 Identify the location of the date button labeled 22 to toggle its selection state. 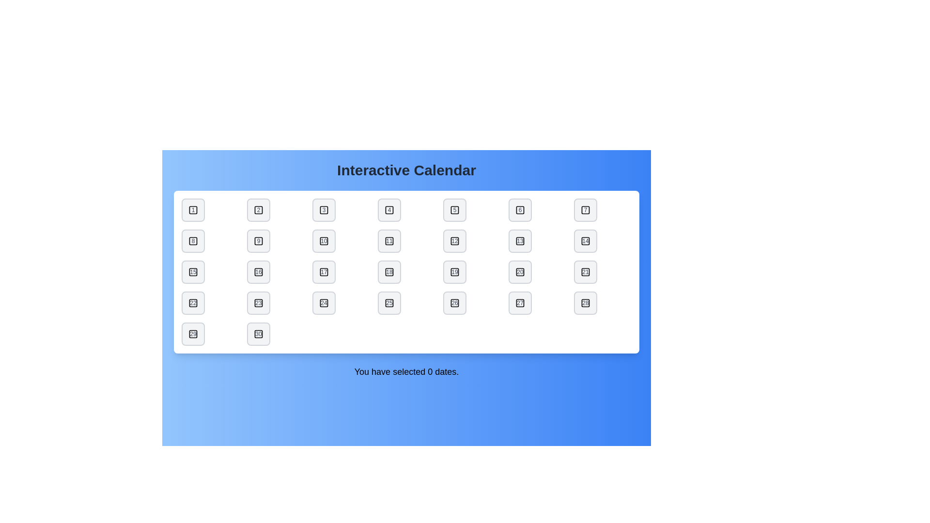
(193, 302).